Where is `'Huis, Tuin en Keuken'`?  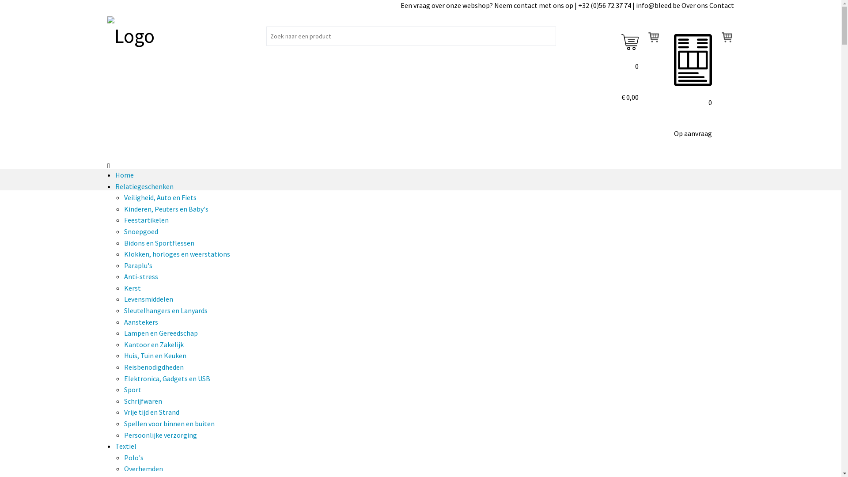 'Huis, Tuin en Keuken' is located at coordinates (155, 355).